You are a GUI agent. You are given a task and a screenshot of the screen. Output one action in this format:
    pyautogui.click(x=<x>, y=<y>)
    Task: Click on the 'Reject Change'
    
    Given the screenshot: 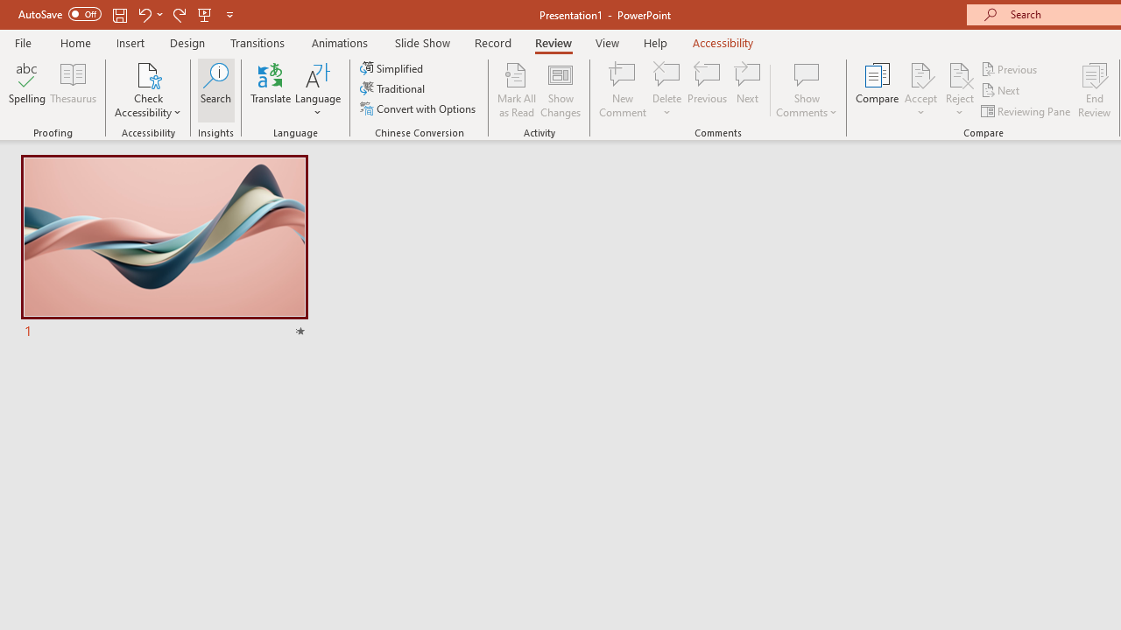 What is the action you would take?
    pyautogui.click(x=959, y=73)
    